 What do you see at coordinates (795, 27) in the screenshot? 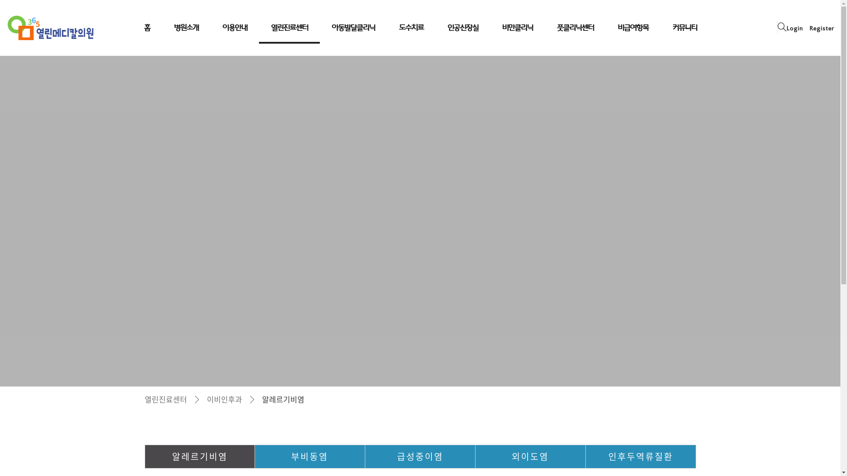
I see `'Login'` at bounding box center [795, 27].